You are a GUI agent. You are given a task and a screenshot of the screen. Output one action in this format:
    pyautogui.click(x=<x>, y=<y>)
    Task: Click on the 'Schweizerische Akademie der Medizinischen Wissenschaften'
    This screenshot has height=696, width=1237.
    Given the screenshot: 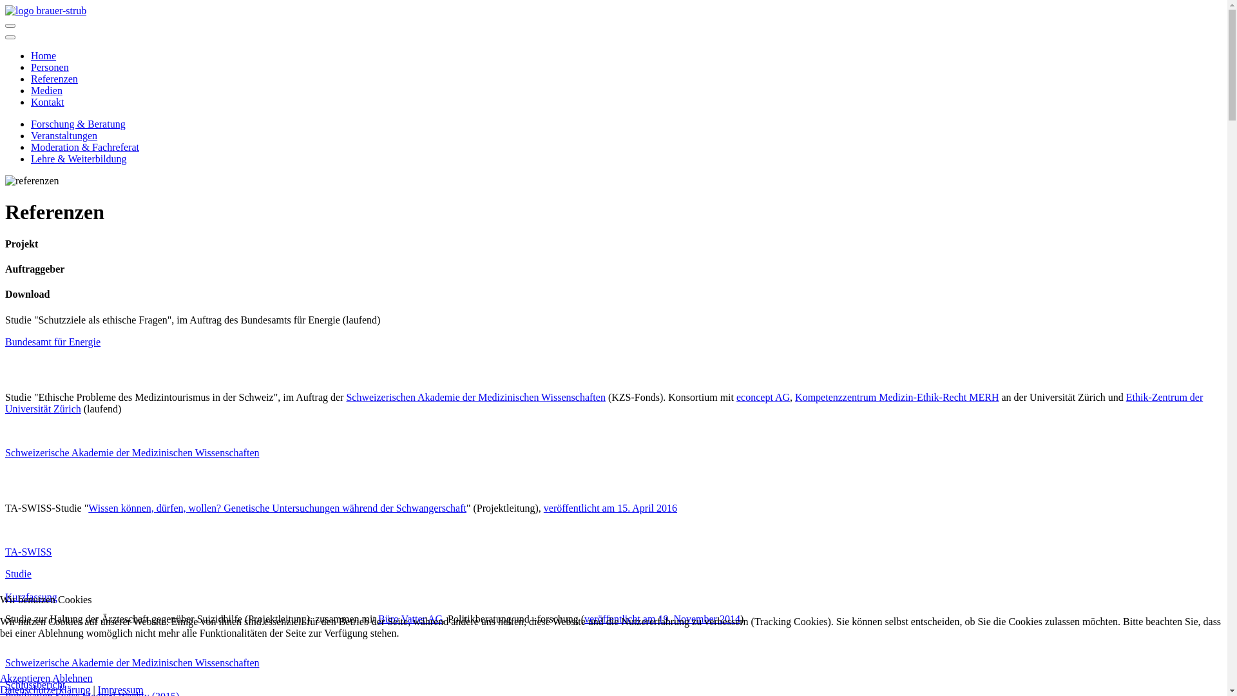 What is the action you would take?
    pyautogui.click(x=5, y=662)
    